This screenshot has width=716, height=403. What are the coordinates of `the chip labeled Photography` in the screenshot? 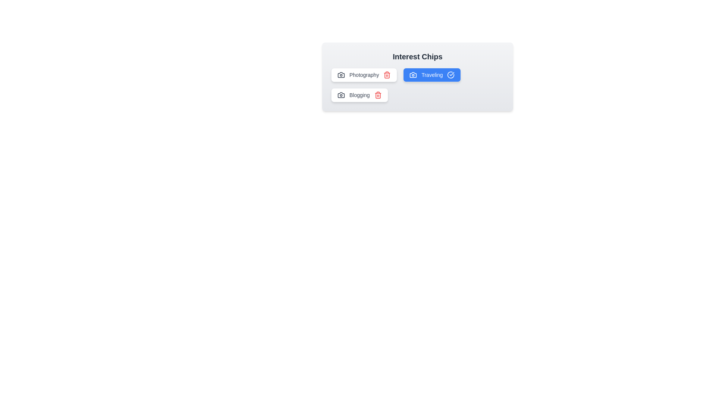 It's located at (364, 75).